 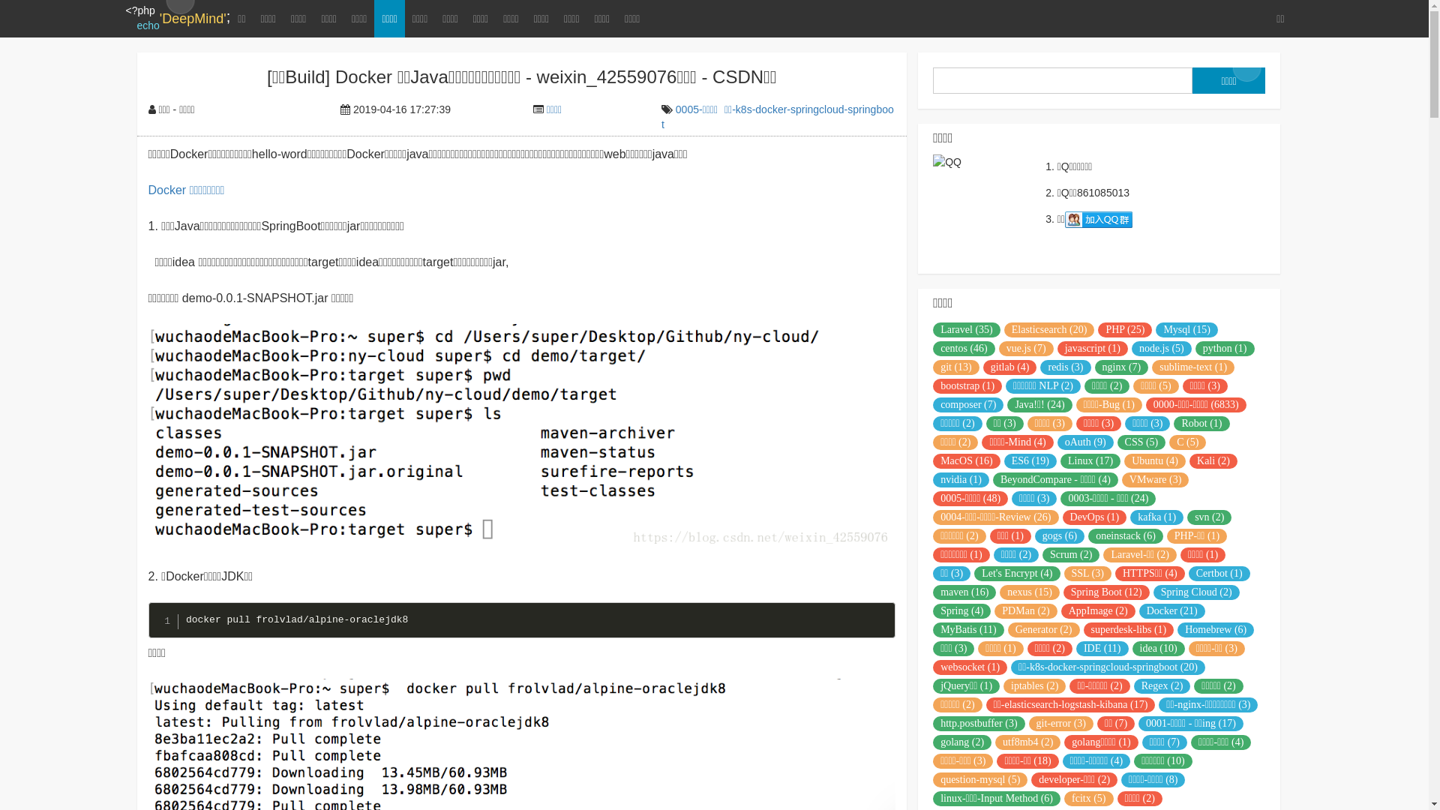 What do you see at coordinates (1126, 535) in the screenshot?
I see `'oneinstack (6)'` at bounding box center [1126, 535].